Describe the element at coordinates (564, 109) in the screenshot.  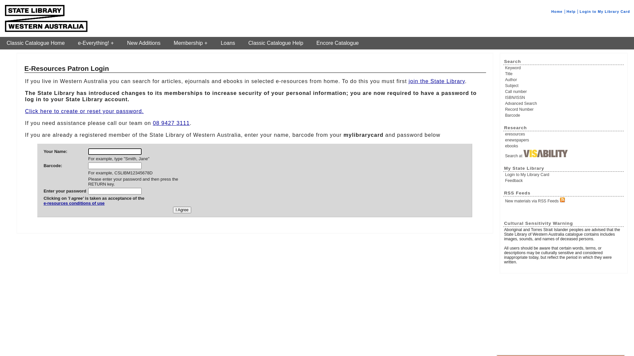
I see `'Record Number'` at that location.